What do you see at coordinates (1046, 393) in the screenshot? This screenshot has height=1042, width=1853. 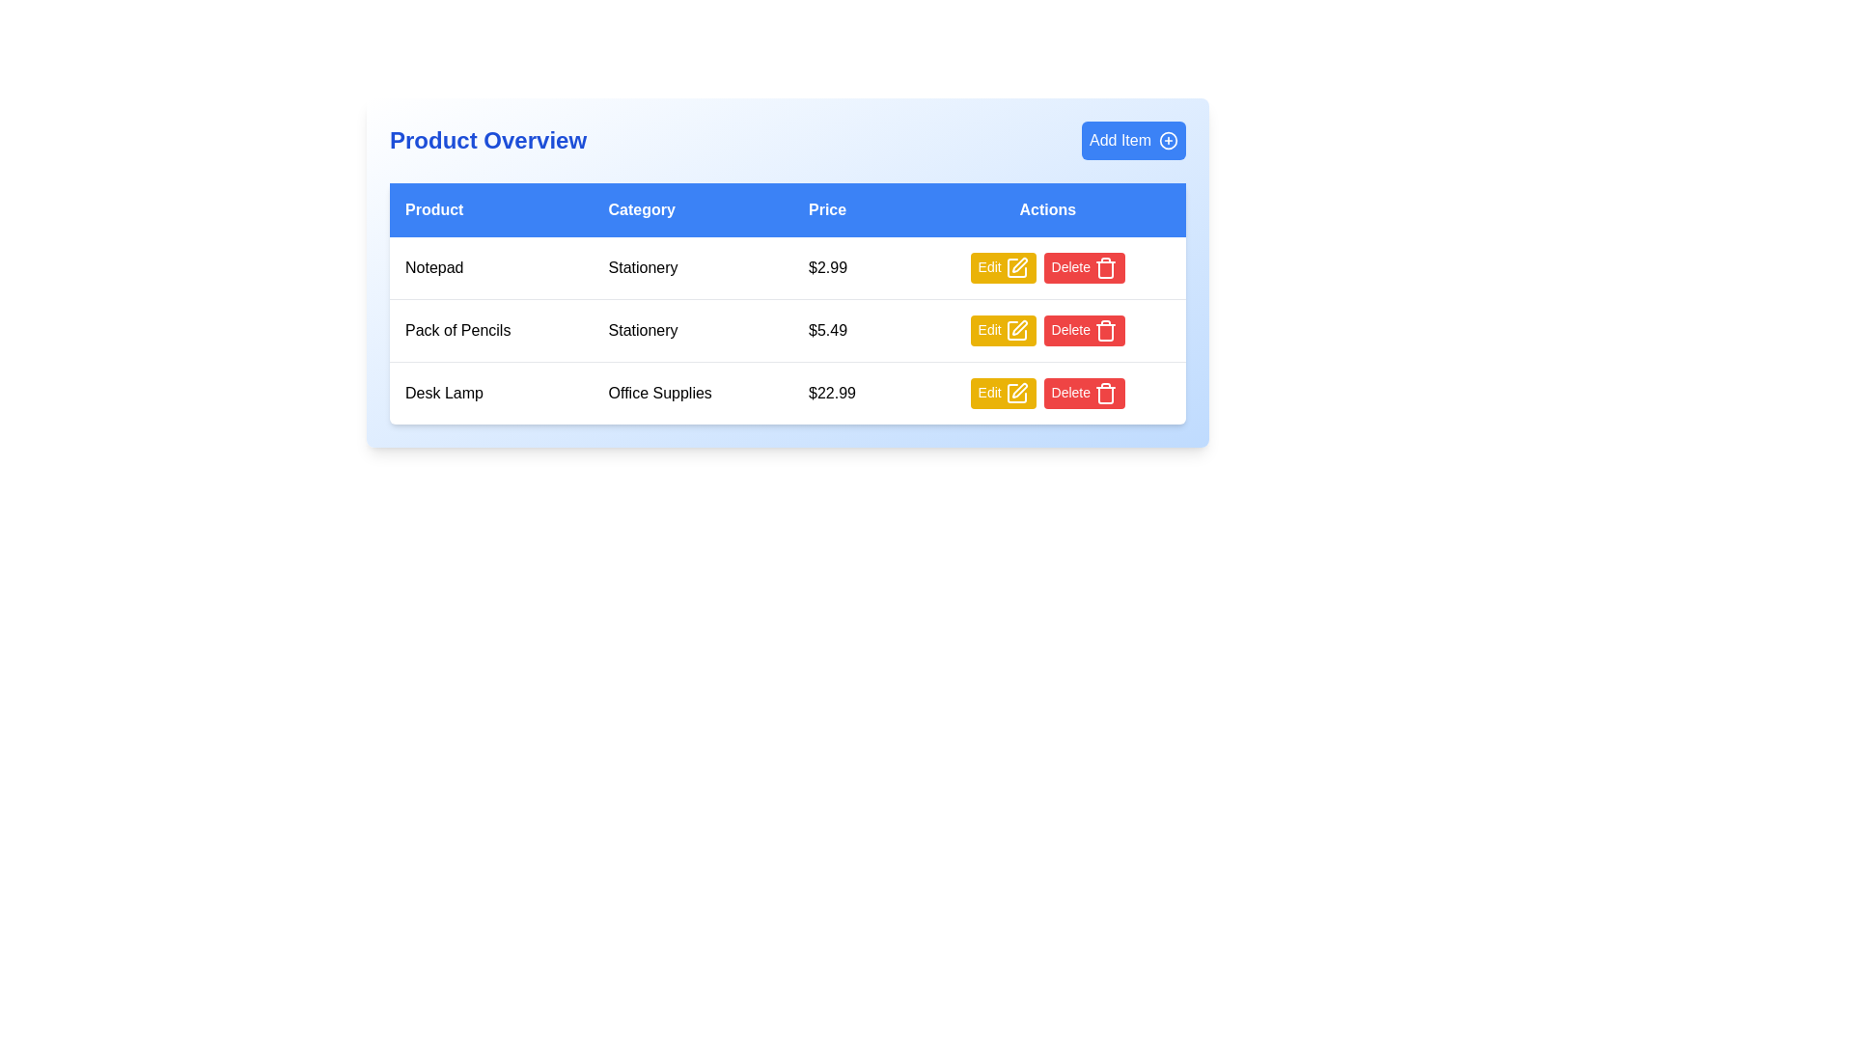 I see `the 'Delete' button in the button group located in the last row of the product table, styled with a red background and white text` at bounding box center [1046, 393].